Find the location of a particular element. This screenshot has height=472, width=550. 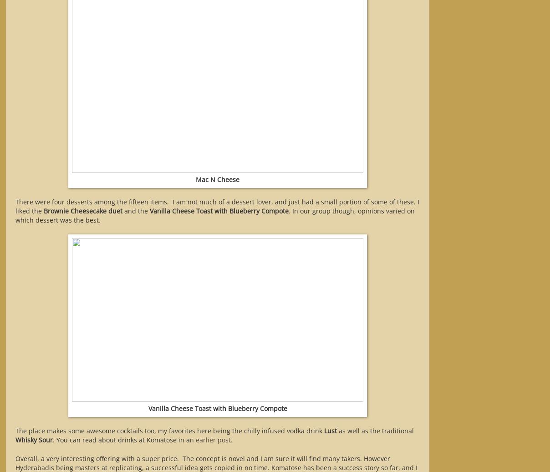

'and the' is located at coordinates (122, 210).